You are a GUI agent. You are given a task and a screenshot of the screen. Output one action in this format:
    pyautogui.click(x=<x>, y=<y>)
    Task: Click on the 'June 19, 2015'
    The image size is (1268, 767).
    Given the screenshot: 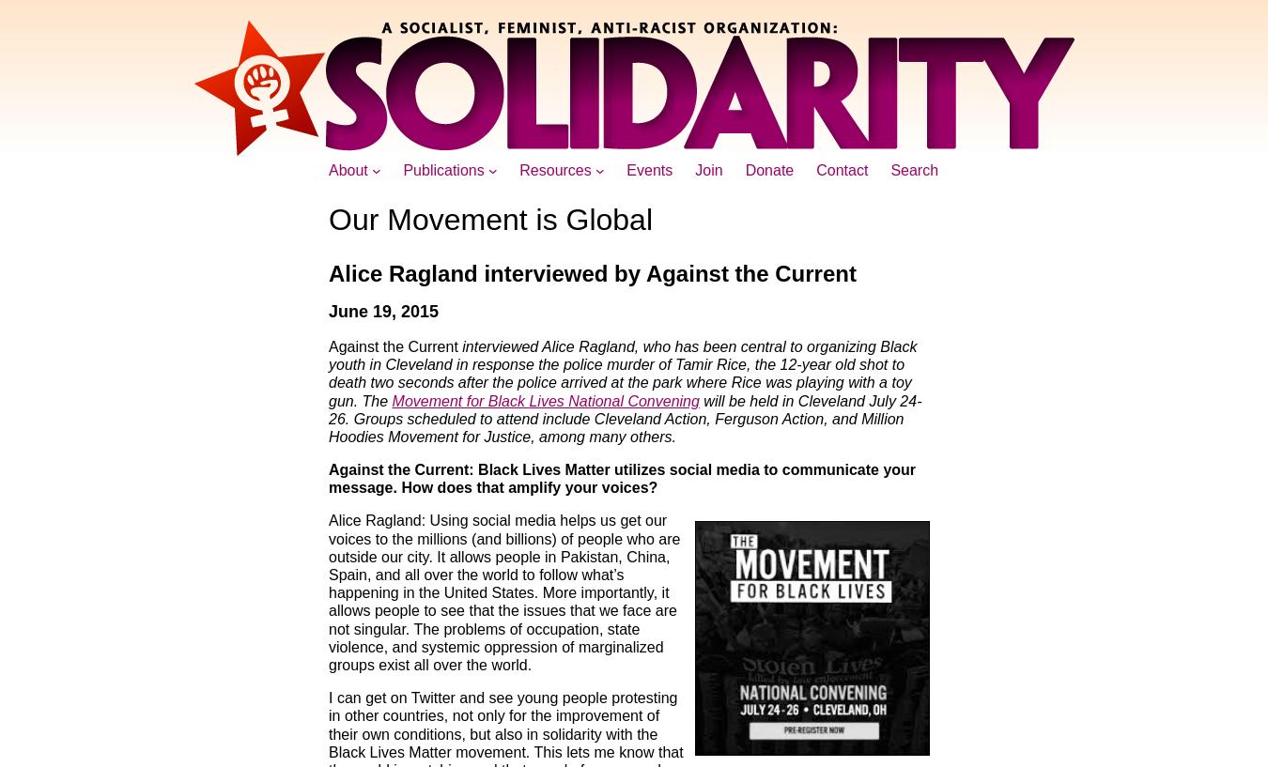 What is the action you would take?
    pyautogui.click(x=383, y=311)
    